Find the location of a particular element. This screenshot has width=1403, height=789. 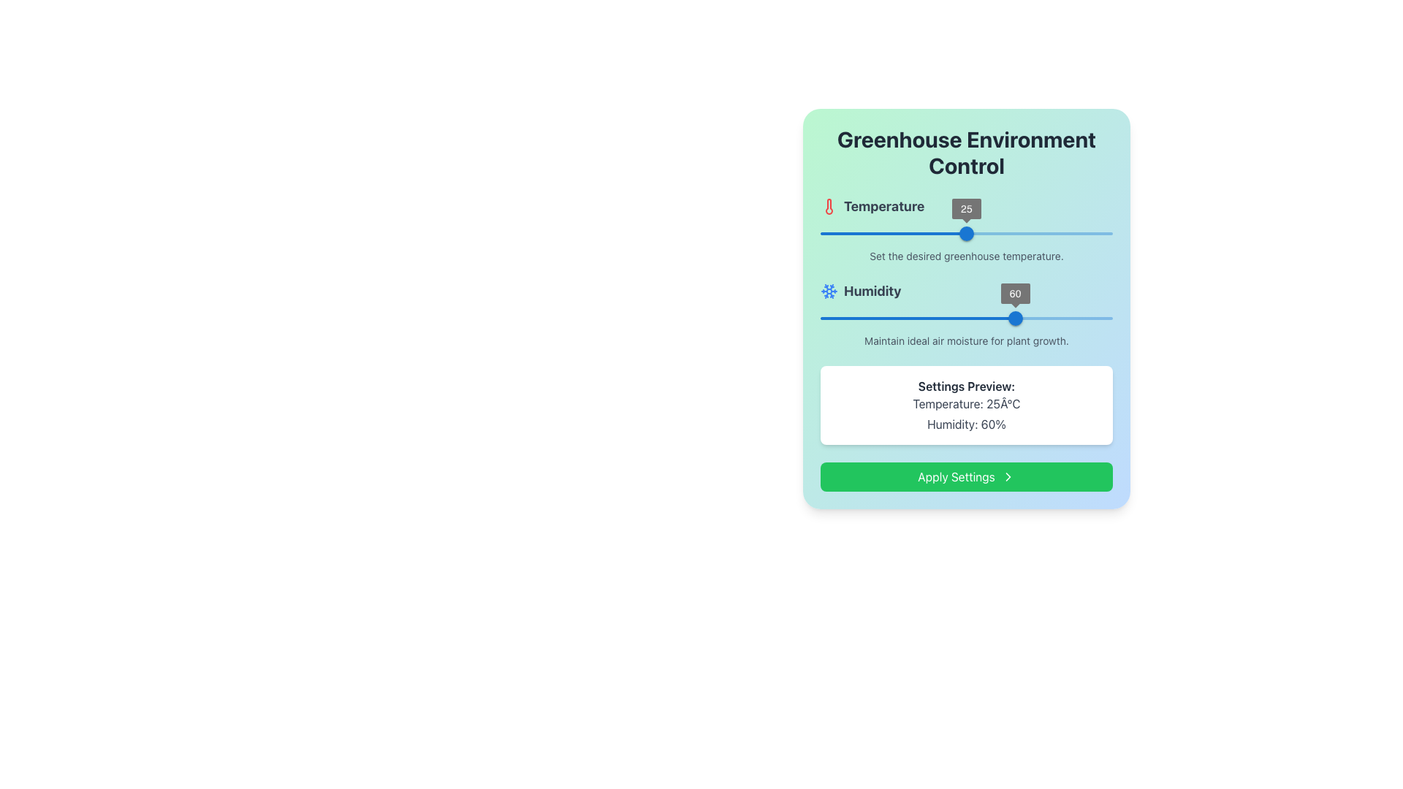

value displayed on the Value indicator label, which shows the number '60' in white text on a dark gray circular background, positioned above the slider for the 'Humidity' section is located at coordinates (1014, 293).